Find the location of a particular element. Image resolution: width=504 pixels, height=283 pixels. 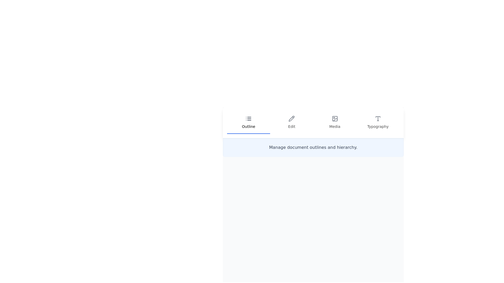

the Typography tab by clicking on its corresponding button is located at coordinates (377, 122).